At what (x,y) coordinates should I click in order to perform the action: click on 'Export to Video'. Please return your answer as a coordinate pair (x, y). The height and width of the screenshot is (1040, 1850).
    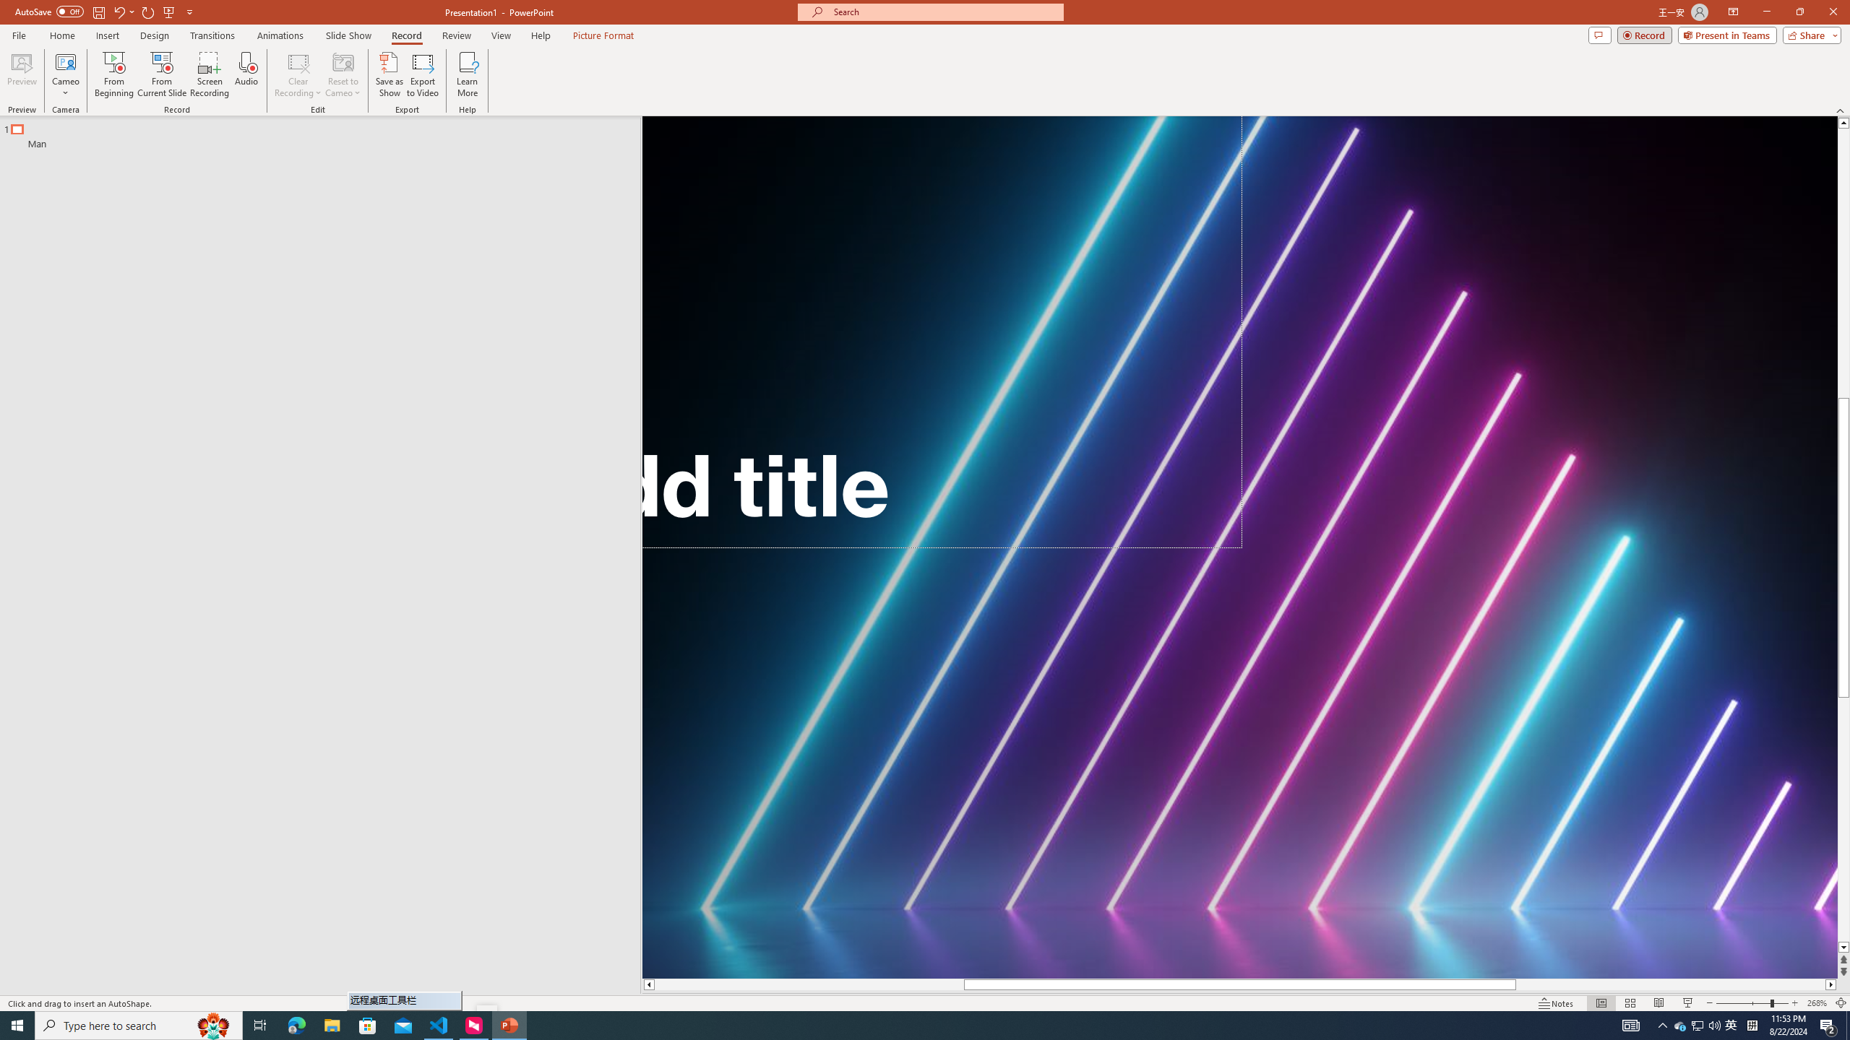
    Looking at the image, I should click on (421, 74).